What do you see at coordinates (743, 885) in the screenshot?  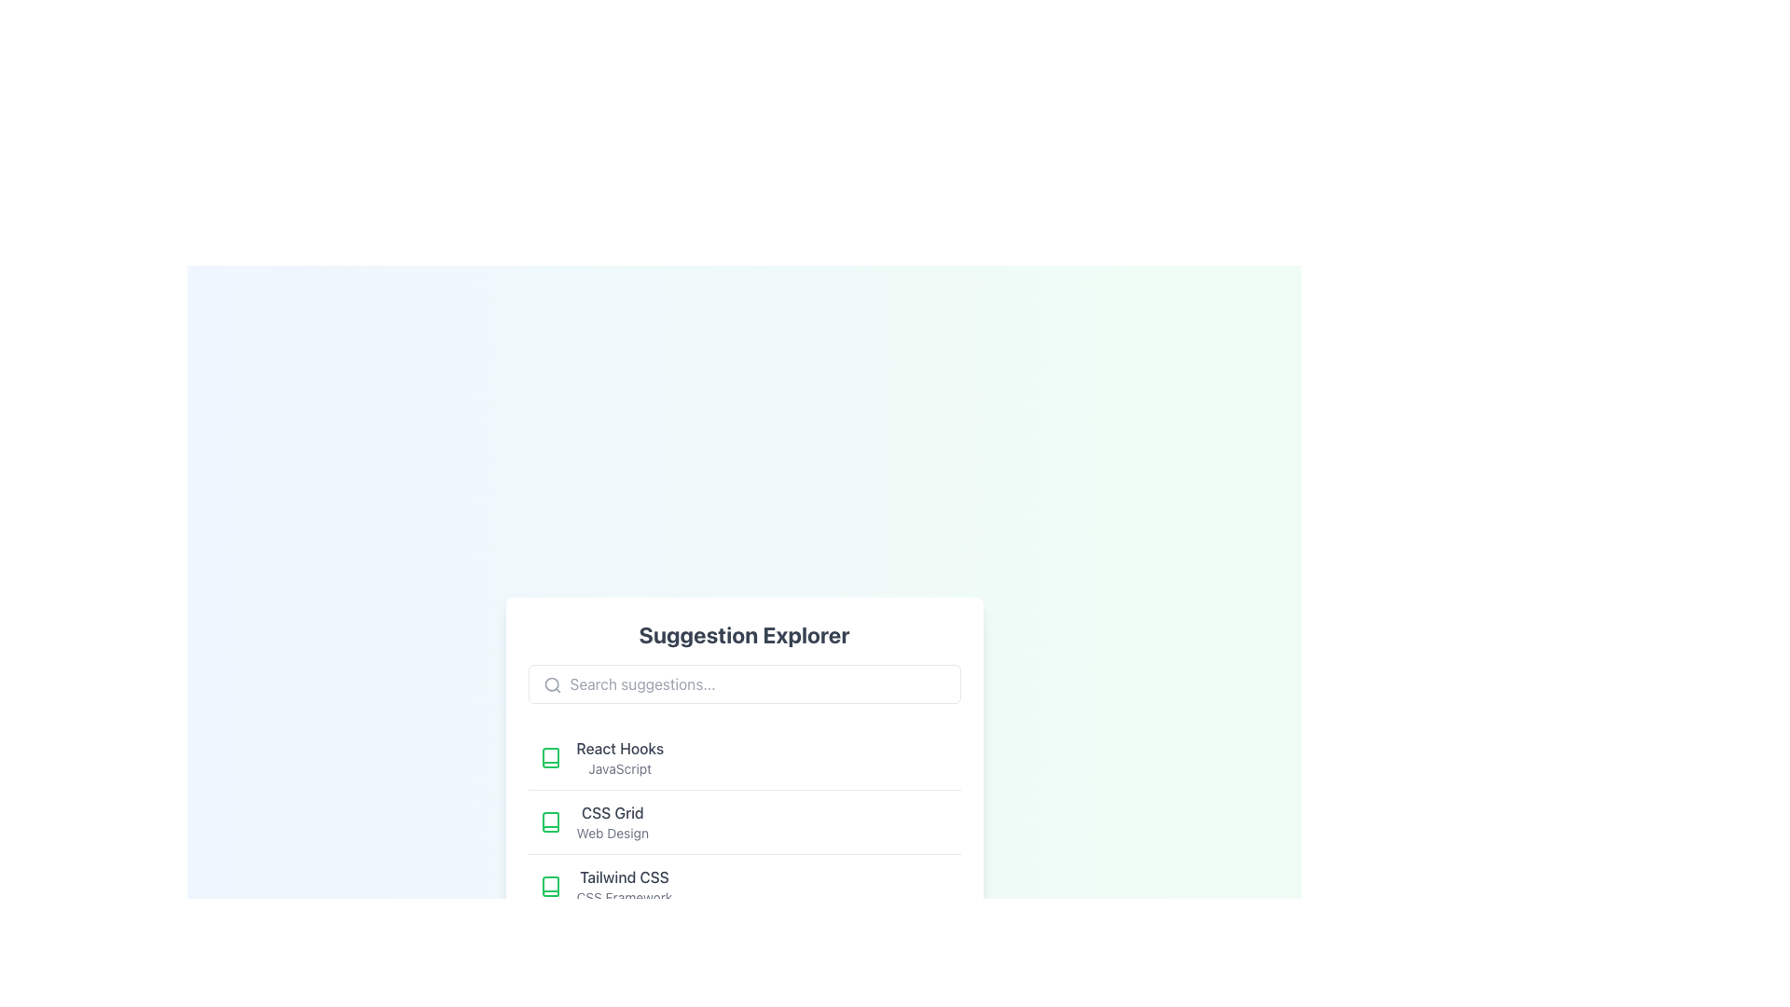 I see `the third entry in the suggestion list that provides information about 'Tailwind CSS'` at bounding box center [743, 885].